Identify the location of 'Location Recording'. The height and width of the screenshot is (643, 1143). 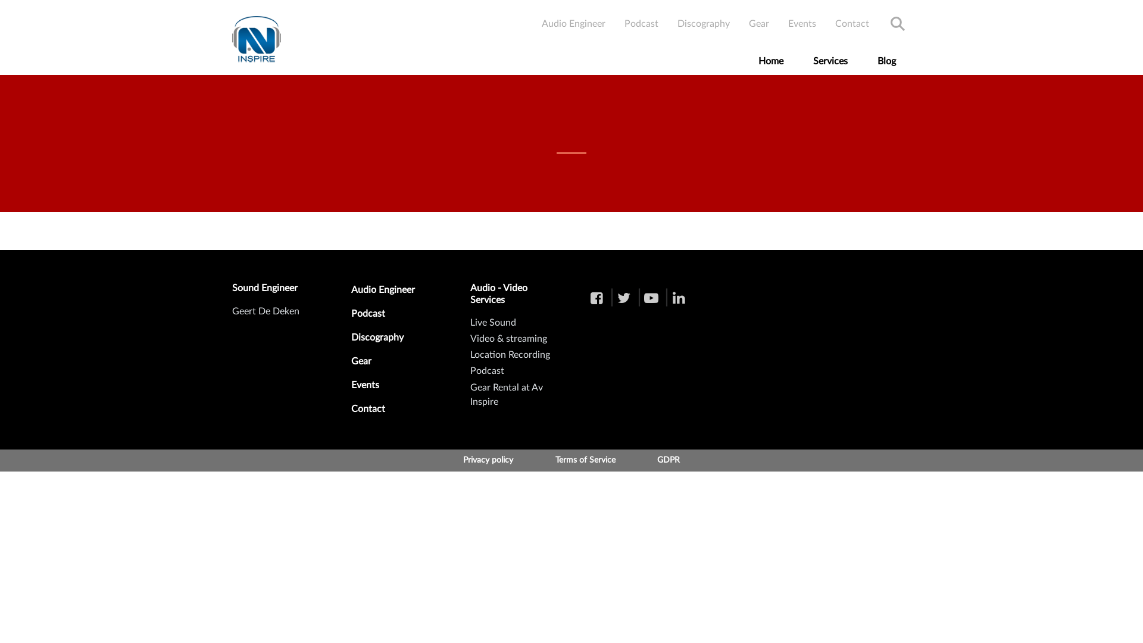
(510, 354).